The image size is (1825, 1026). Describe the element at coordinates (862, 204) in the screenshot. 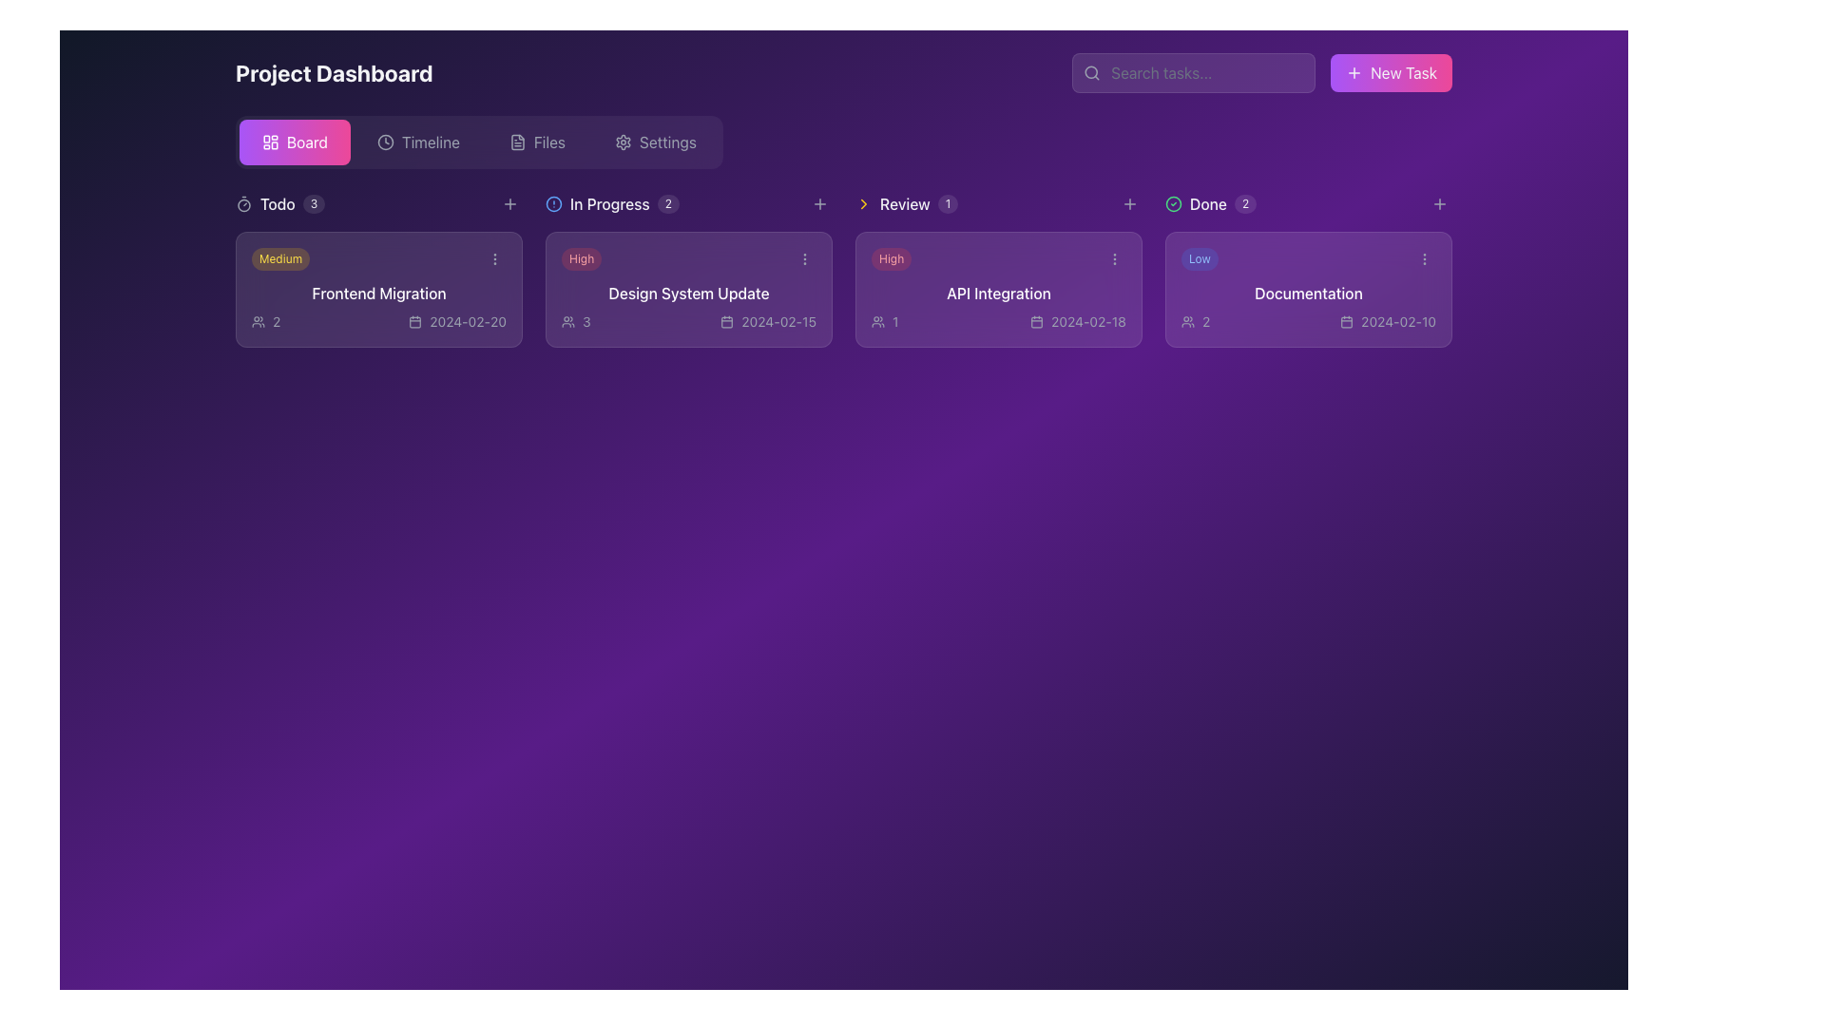

I see `the chevron arrow icon, which is styled in bright yellow and located to the right of the 'Review' category header in the interface` at that location.